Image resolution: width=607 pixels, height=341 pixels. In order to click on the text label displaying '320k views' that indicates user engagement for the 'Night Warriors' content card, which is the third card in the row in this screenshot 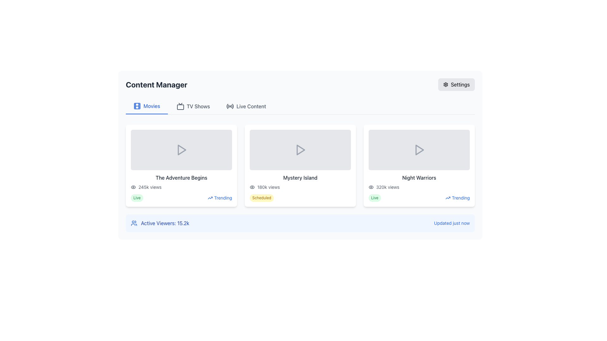, I will do `click(387, 187)`.